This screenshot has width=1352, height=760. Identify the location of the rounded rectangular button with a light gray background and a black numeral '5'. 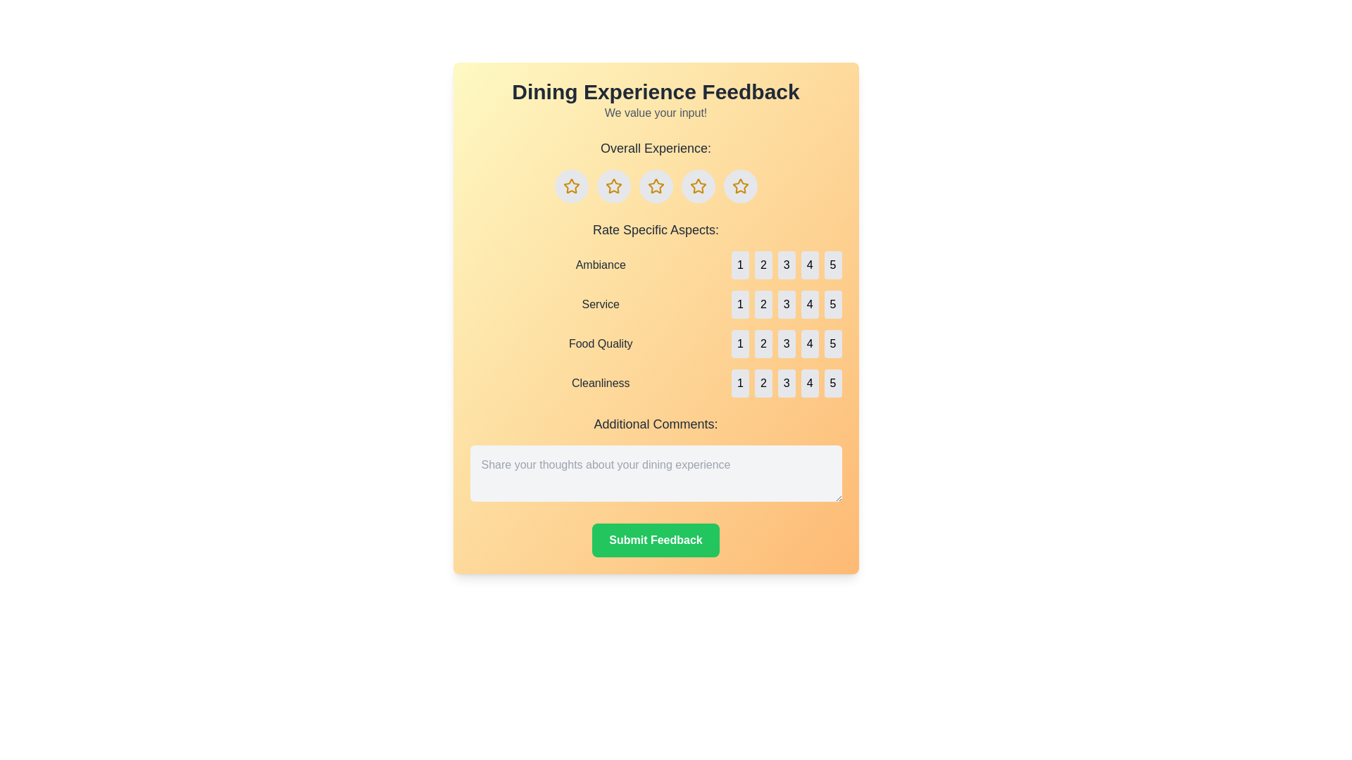
(833, 303).